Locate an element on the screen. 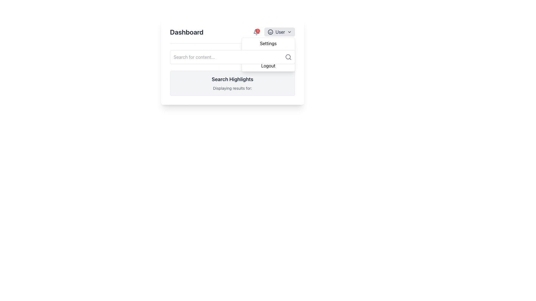 This screenshot has height=301, width=536. the user profile dropdown menu icon located in the top right corner of the interface is located at coordinates (279, 32).